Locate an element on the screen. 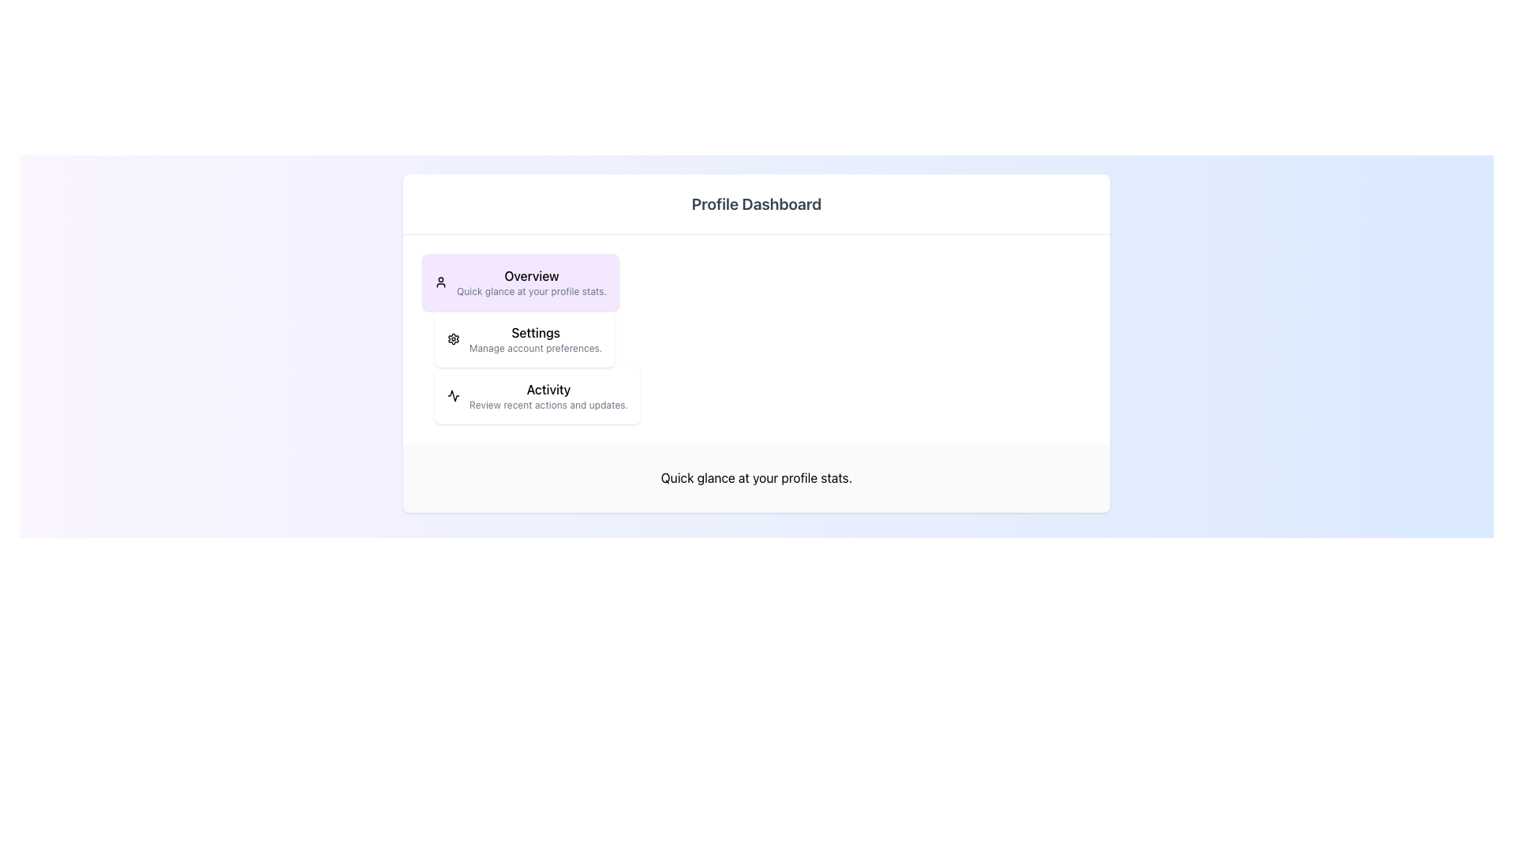 This screenshot has width=1515, height=852. the small gray text label displaying 'Review recent actions and updates.' located beneath the bolded 'Activity' label in the third item of the list is located at coordinates (548, 404).